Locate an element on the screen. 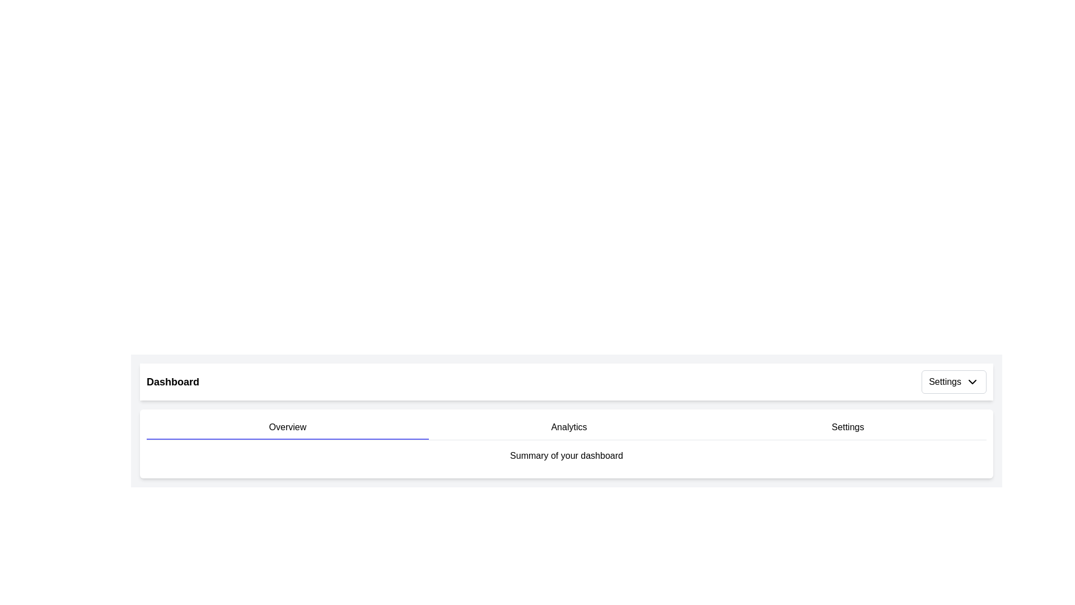 This screenshot has width=1075, height=605. the 'Settings' button located in the top-right corner of the header bar is located at coordinates (954, 381).